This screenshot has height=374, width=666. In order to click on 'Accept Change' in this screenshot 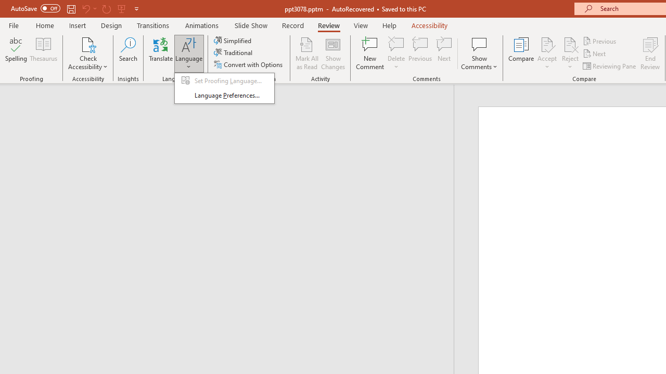, I will do `click(546, 44)`.